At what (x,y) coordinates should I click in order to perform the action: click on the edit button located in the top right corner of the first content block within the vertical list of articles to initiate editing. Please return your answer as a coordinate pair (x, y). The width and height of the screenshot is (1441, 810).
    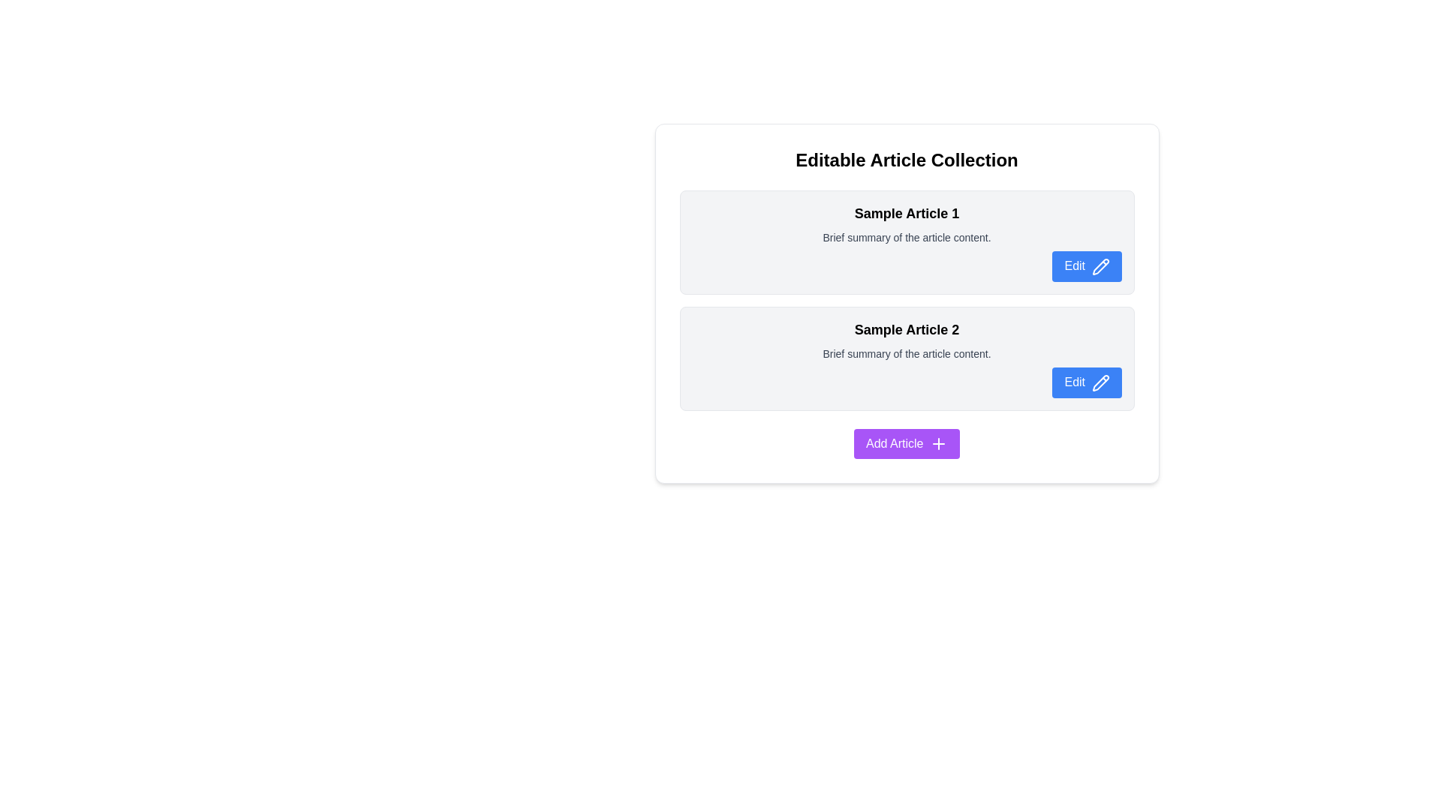
    Looking at the image, I should click on (1087, 265).